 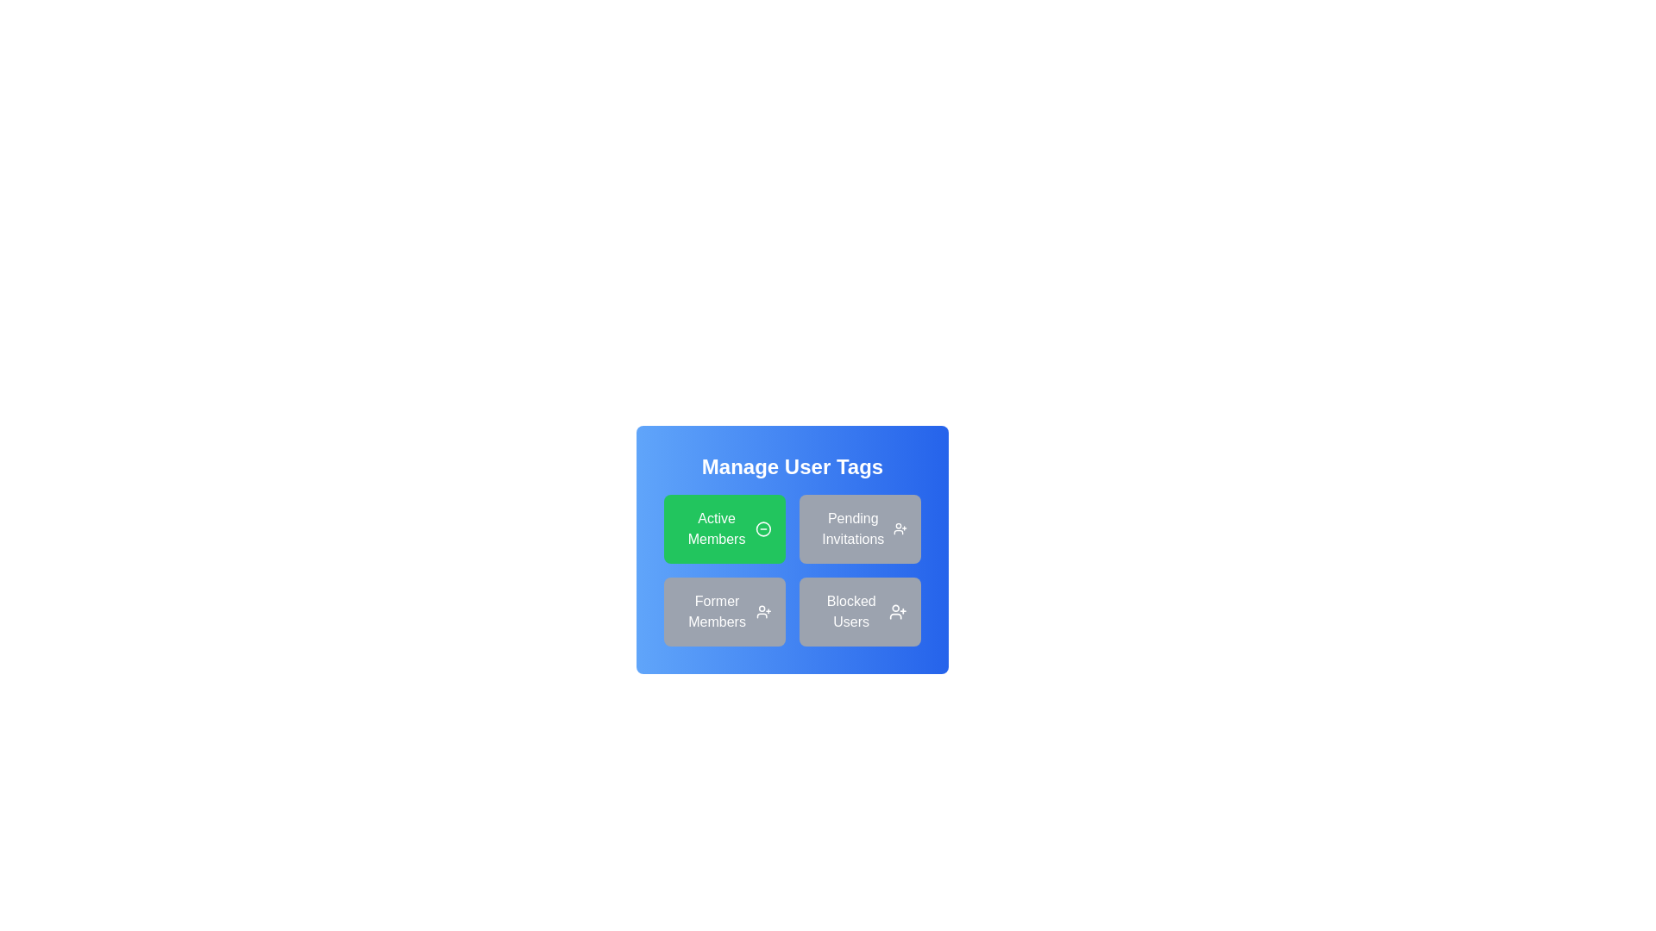 What do you see at coordinates (791, 549) in the screenshot?
I see `header of the category selection pane which contains options for managing user tags like 'Active Members' and 'Pending Invitations'` at bounding box center [791, 549].